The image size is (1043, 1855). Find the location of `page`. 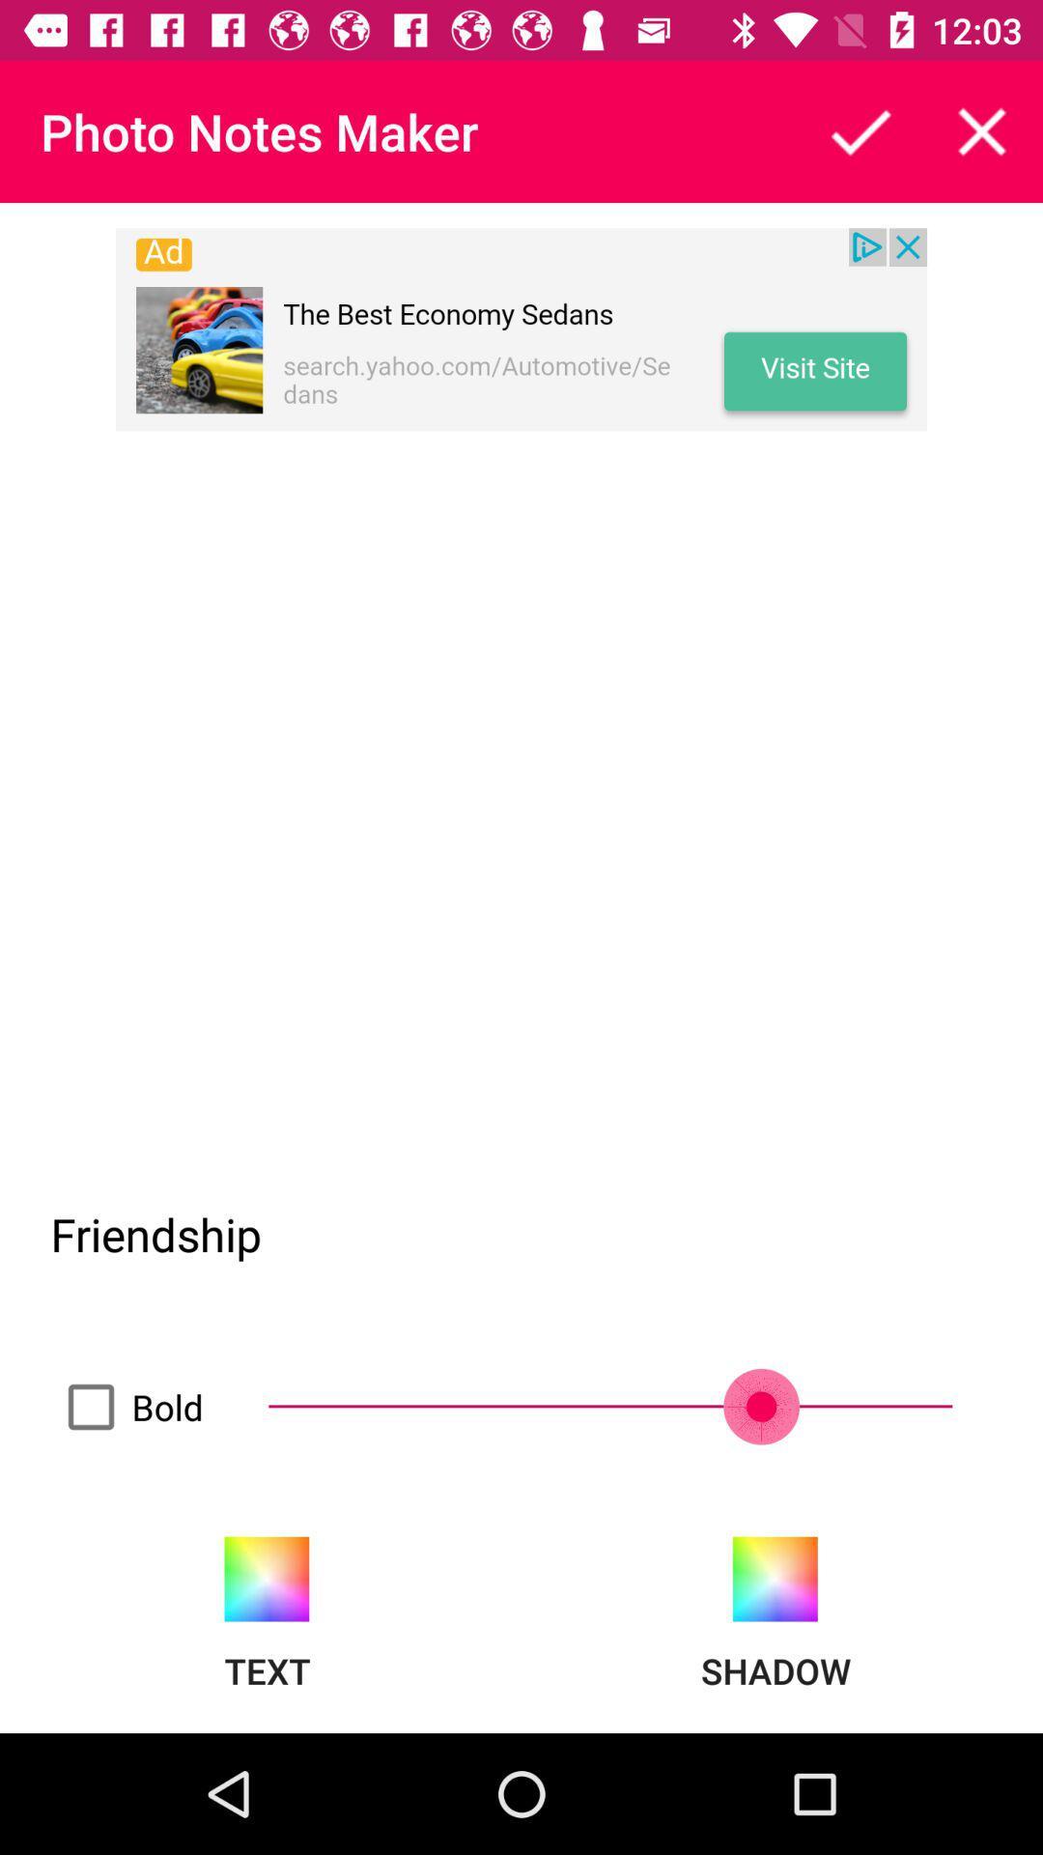

page is located at coordinates (982, 130).